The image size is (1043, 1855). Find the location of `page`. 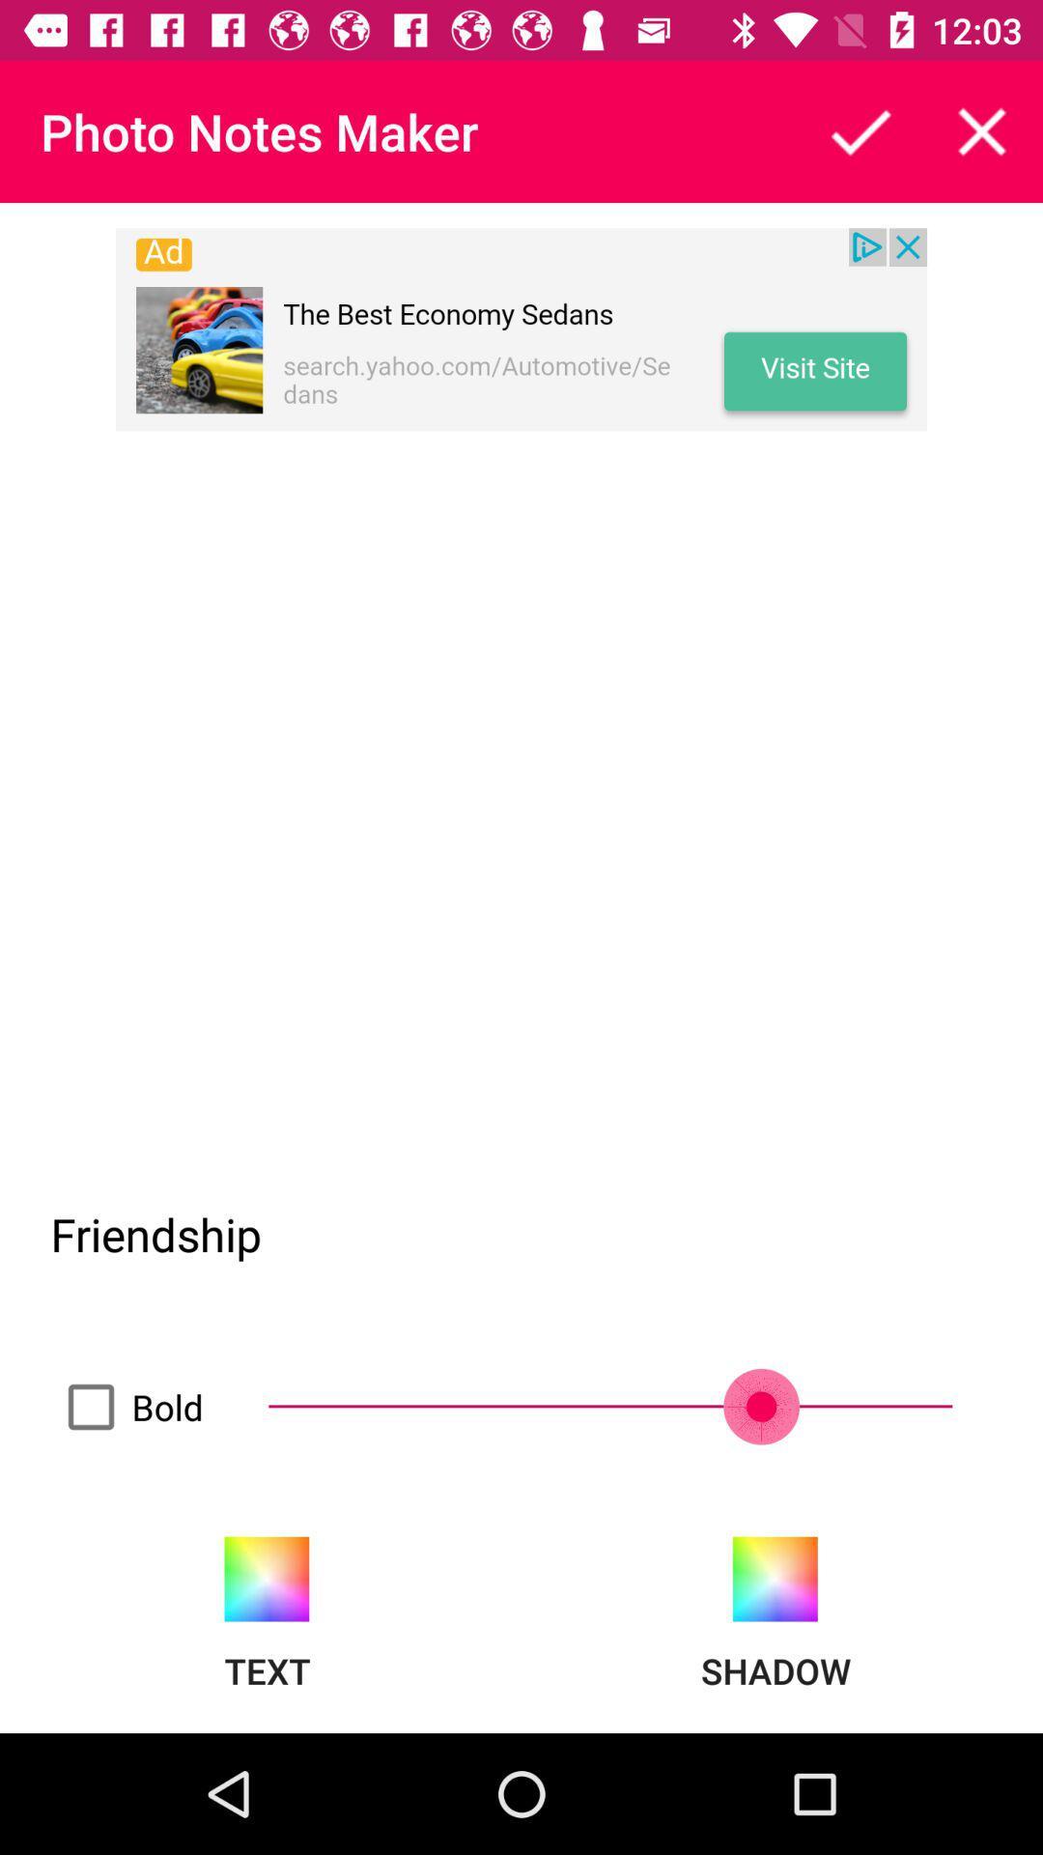

page is located at coordinates (982, 130).